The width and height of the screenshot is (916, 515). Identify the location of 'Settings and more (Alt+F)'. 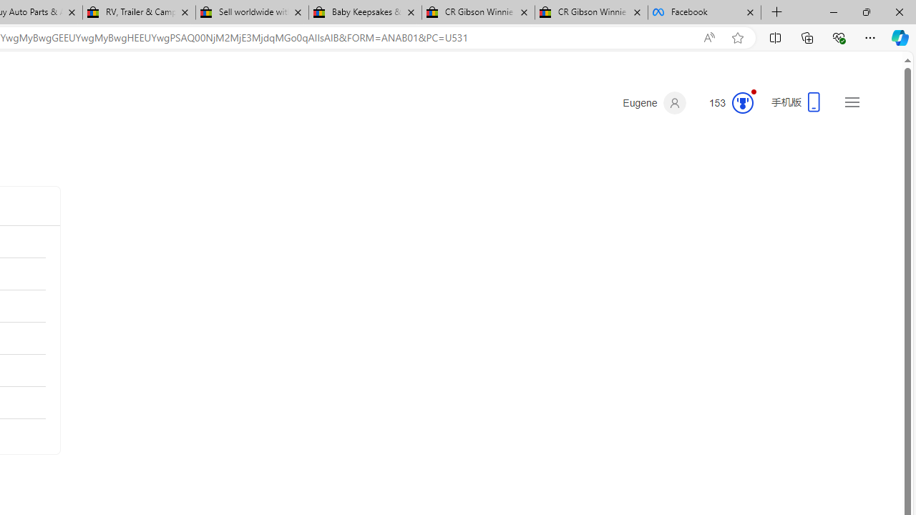
(869, 36).